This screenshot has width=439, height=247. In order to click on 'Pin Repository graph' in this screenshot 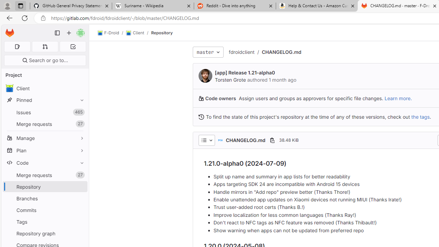, I will do `click(80, 233)`.